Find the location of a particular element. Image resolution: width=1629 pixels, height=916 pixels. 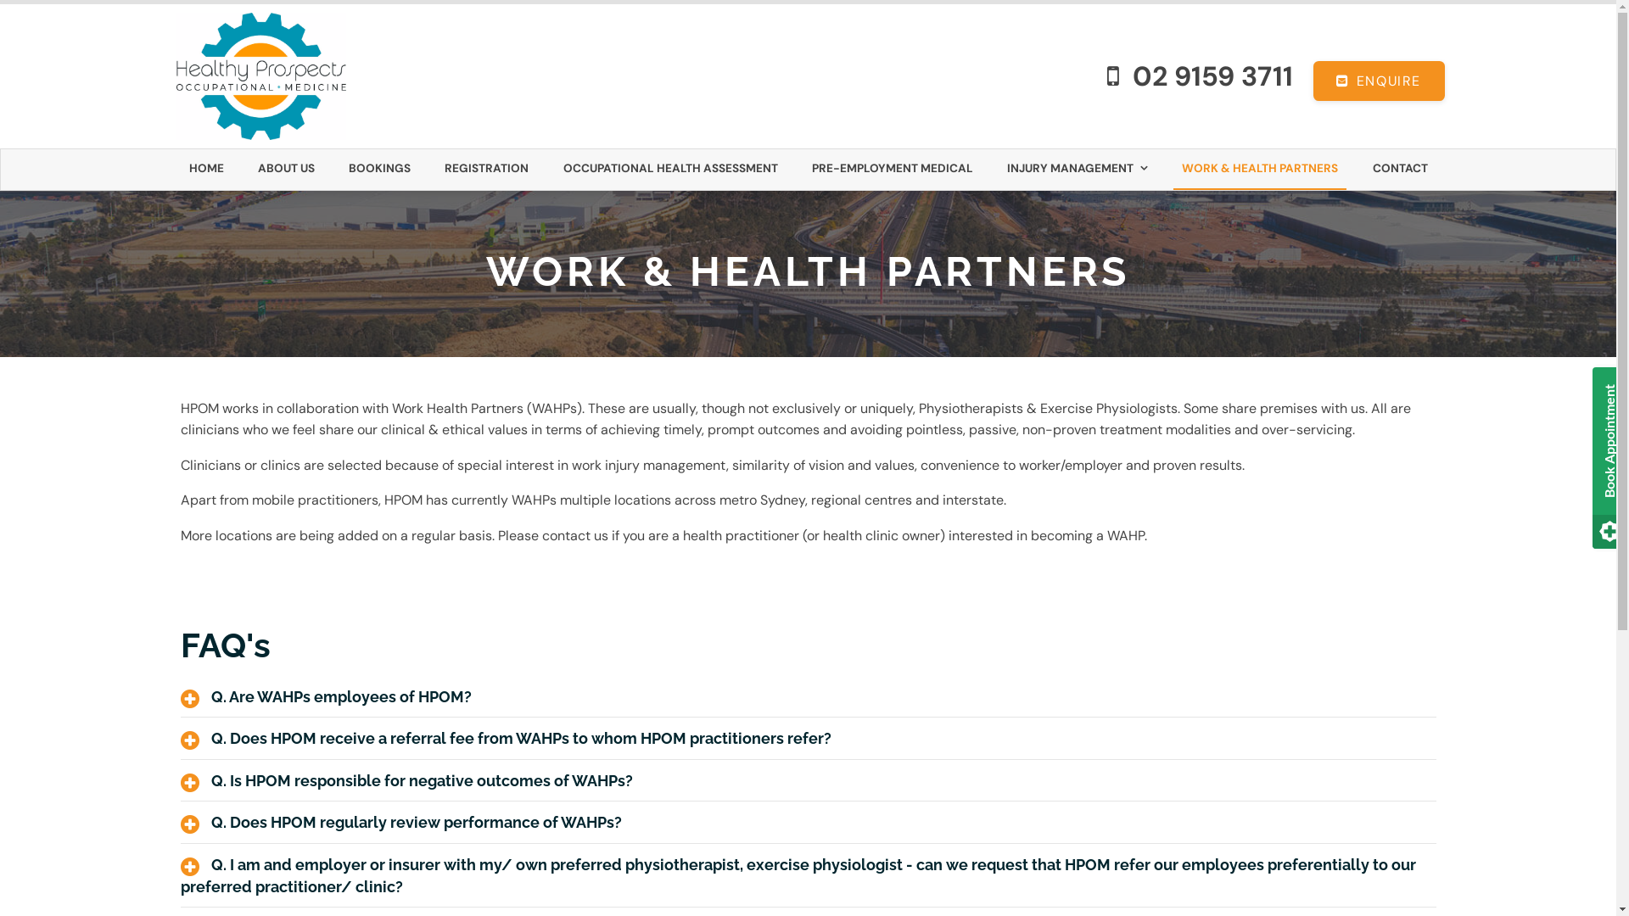

'OCCUPATIONAL HEALTH ASSESSMENT' is located at coordinates (554, 170).